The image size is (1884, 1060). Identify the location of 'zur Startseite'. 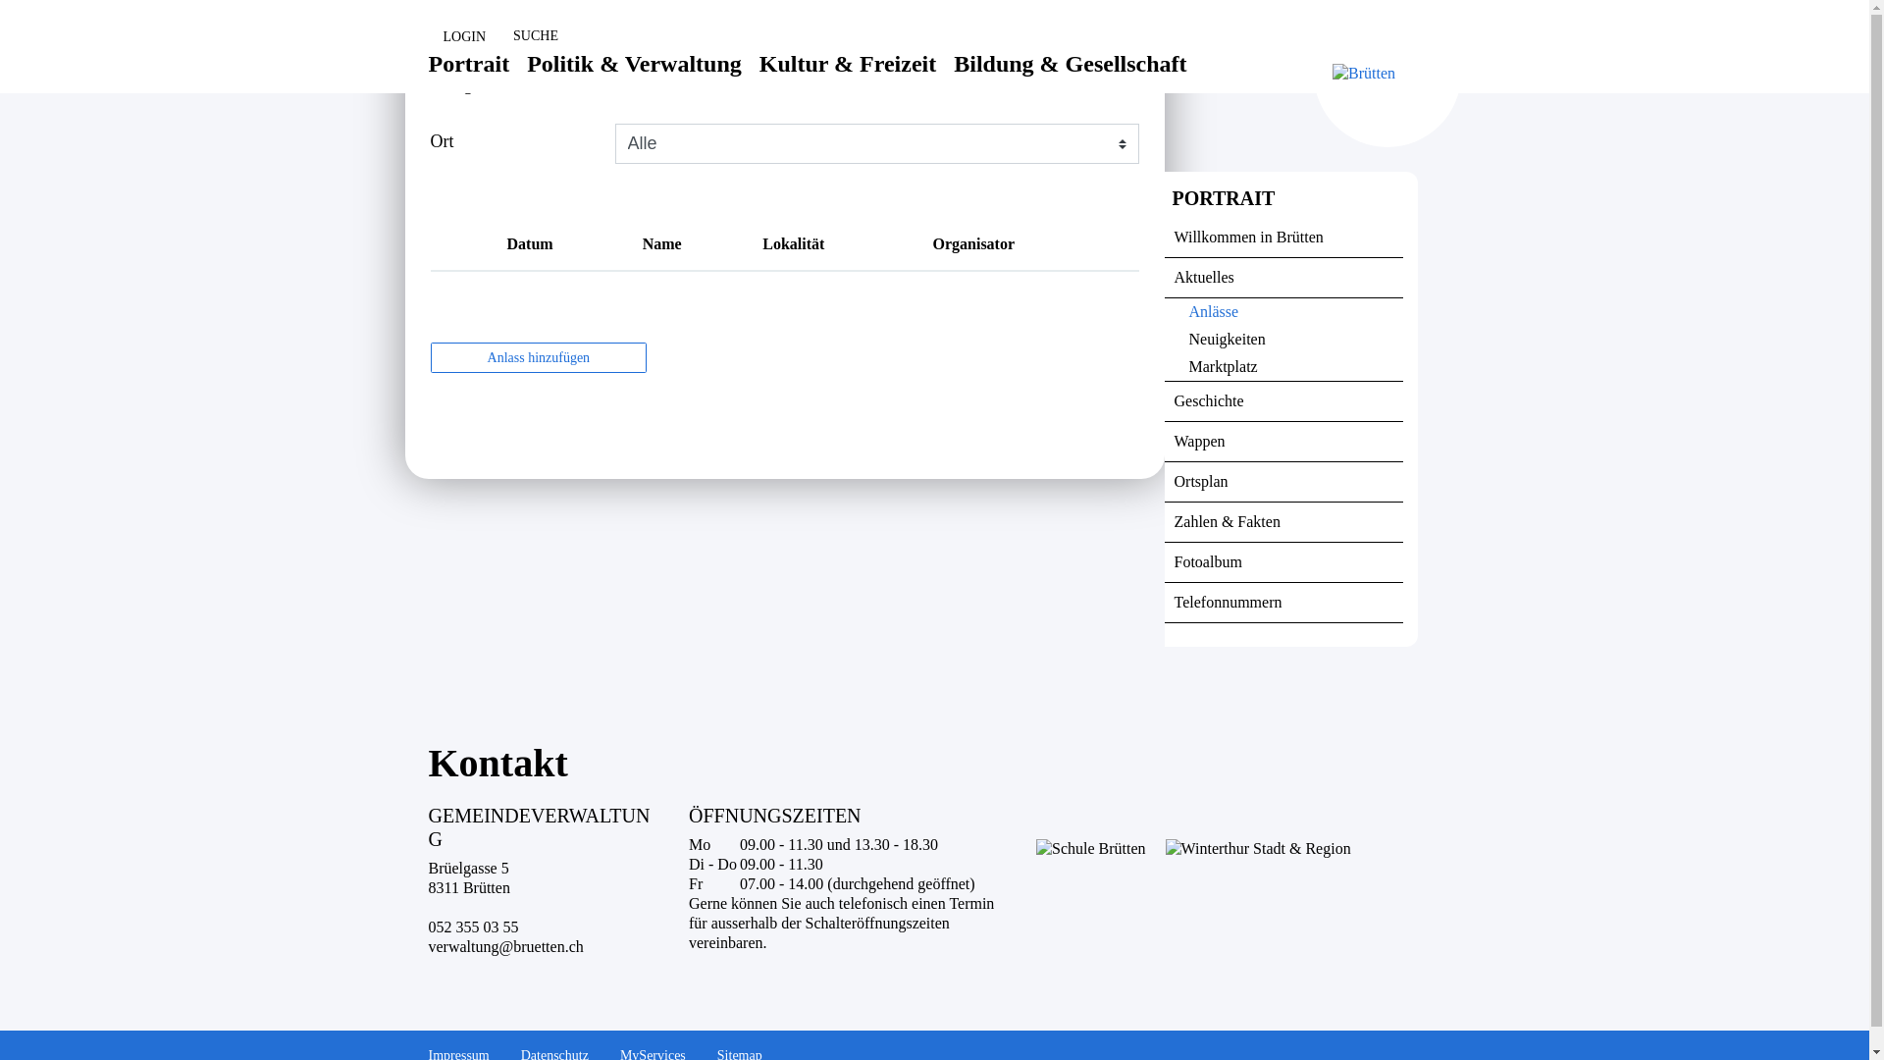
(0, 0).